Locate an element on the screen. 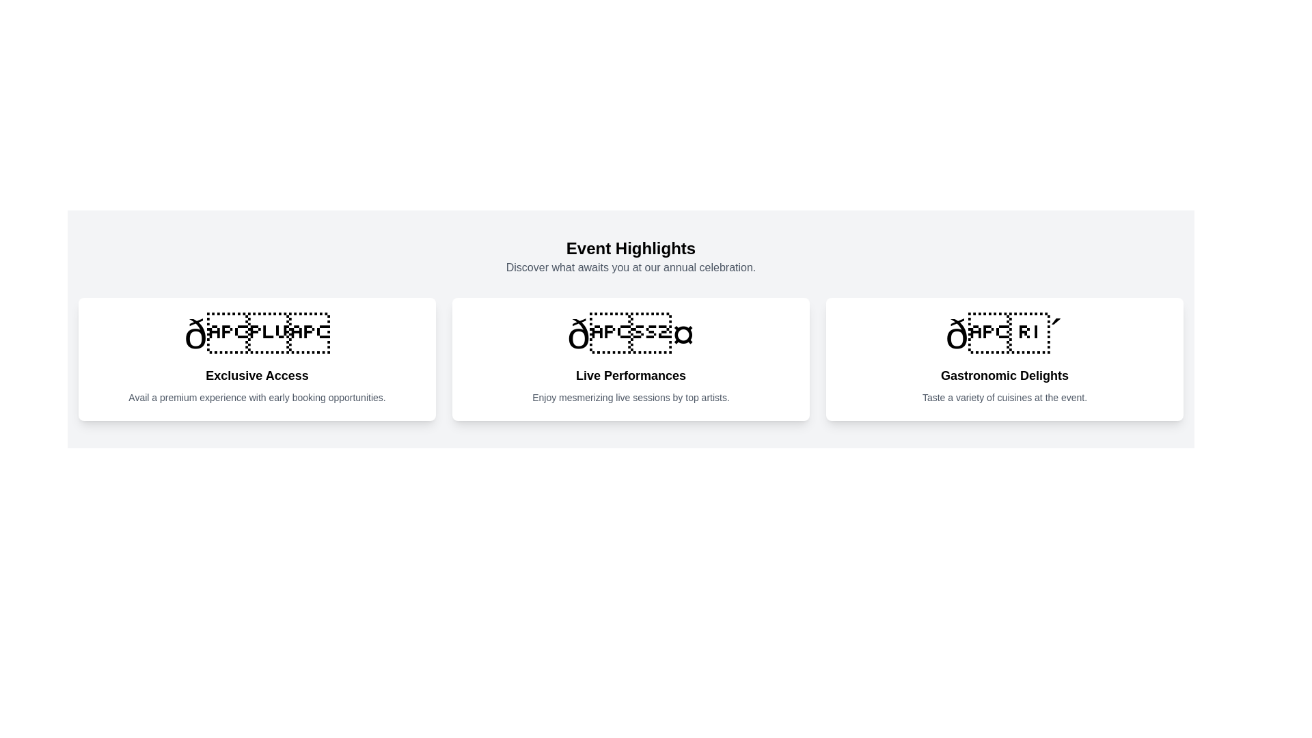  the bold and enlarged text stating 'Event Highlights', which is prominently displayed at the top of the section containing an introductory heading is located at coordinates (630, 248).